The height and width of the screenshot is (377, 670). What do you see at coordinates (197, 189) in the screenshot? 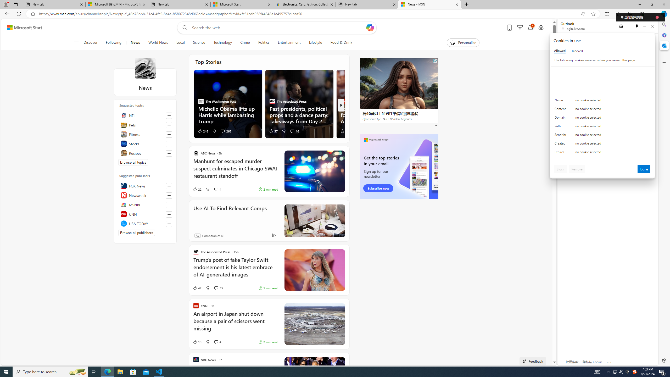
I see `'22 Like'` at bounding box center [197, 189].